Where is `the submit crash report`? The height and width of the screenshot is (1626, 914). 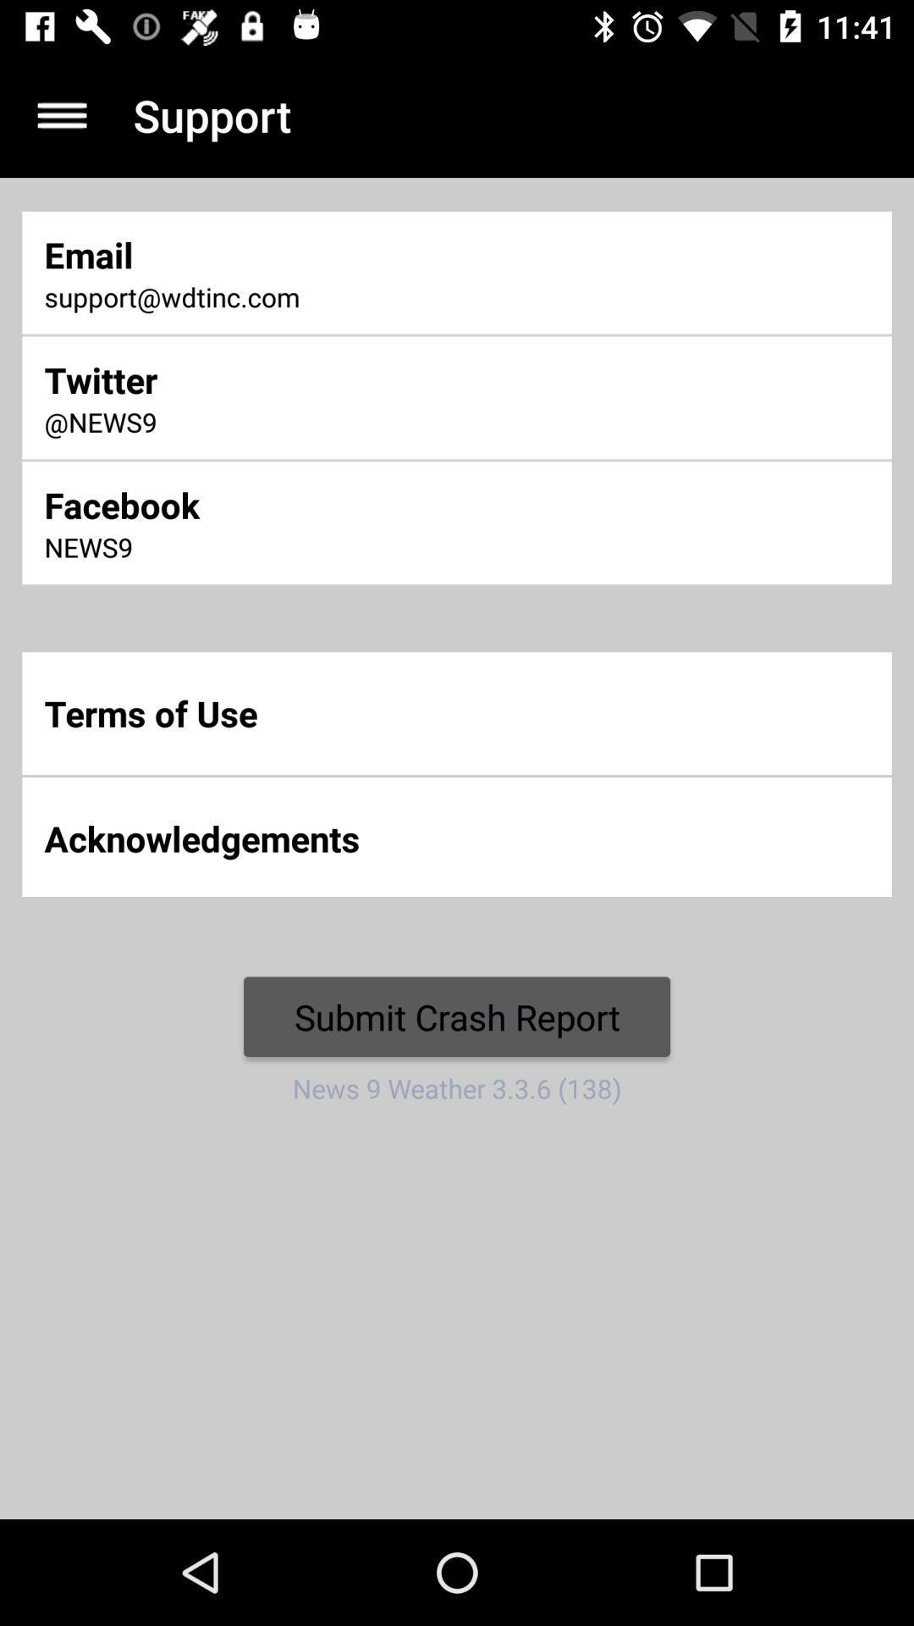
the submit crash report is located at coordinates (457, 1016).